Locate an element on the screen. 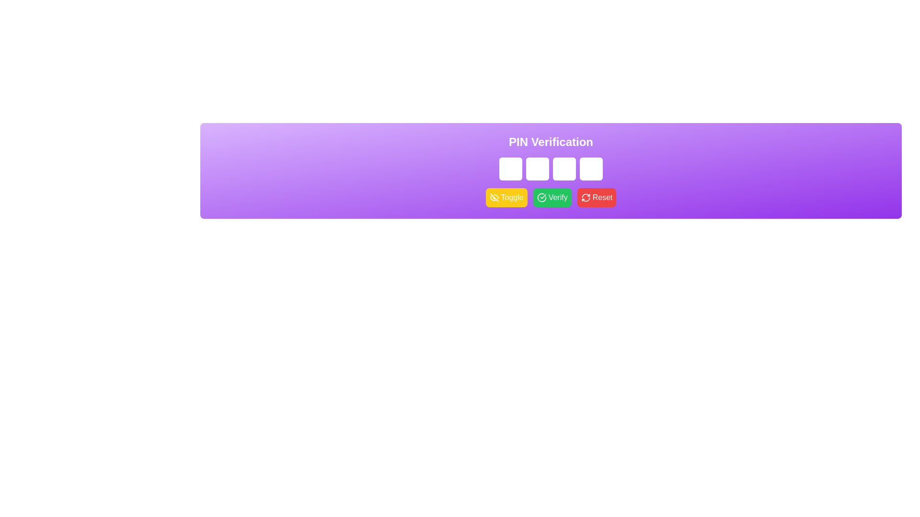 The width and height of the screenshot is (920, 517). the 'Reset' label inside the third button of the button group, which is styled with white text on a red background is located at coordinates (602, 197).